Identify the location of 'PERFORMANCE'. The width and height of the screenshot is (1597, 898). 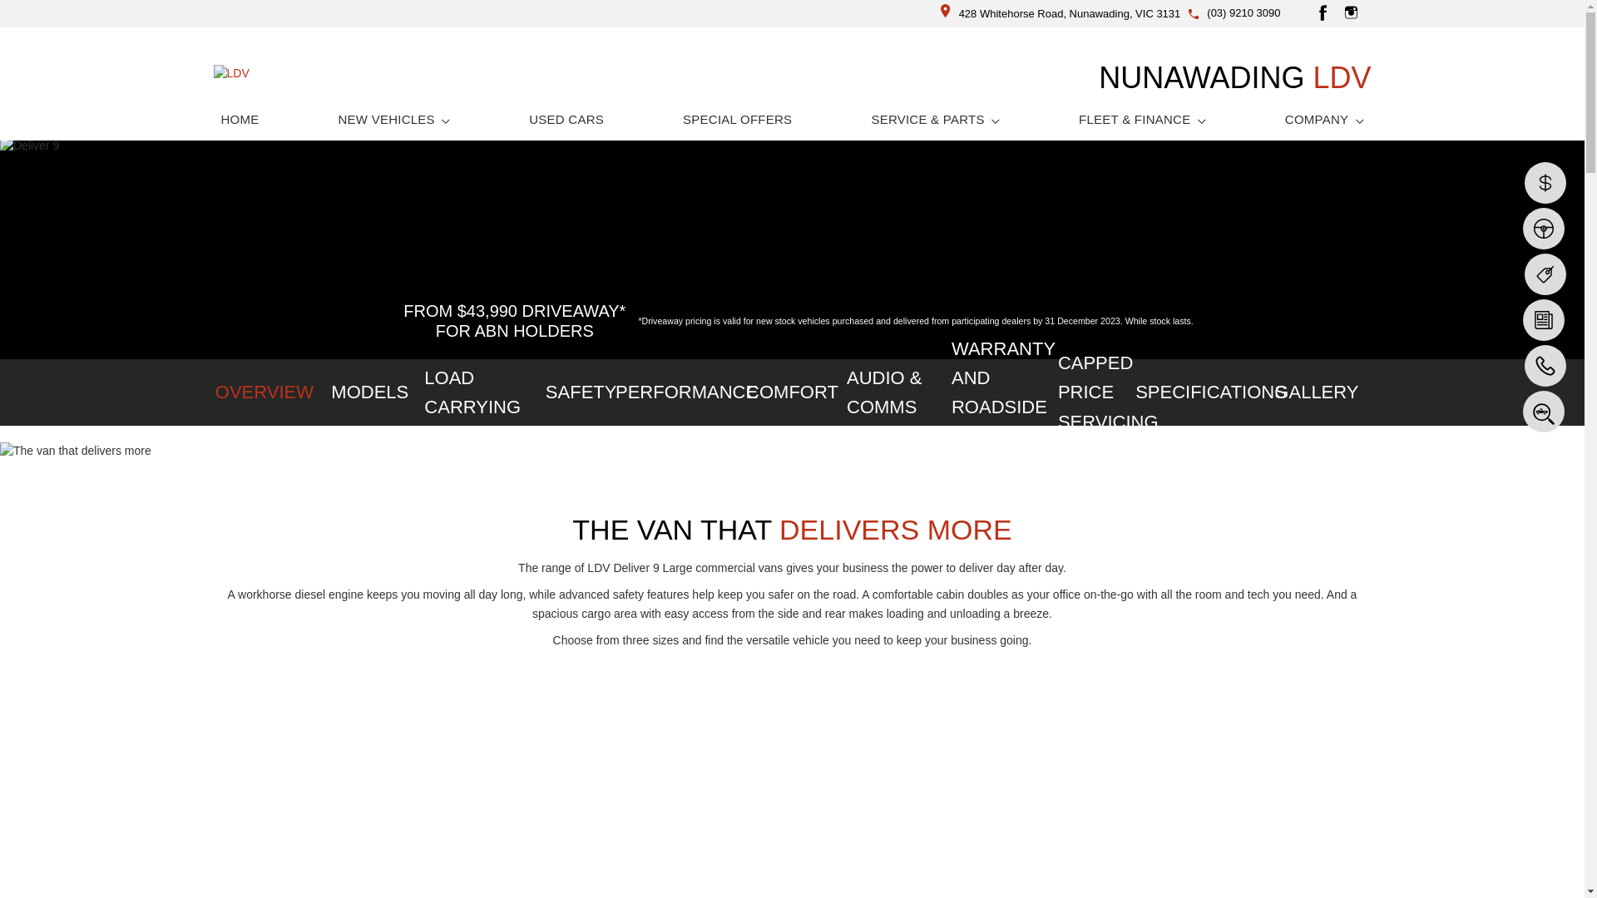
(686, 392).